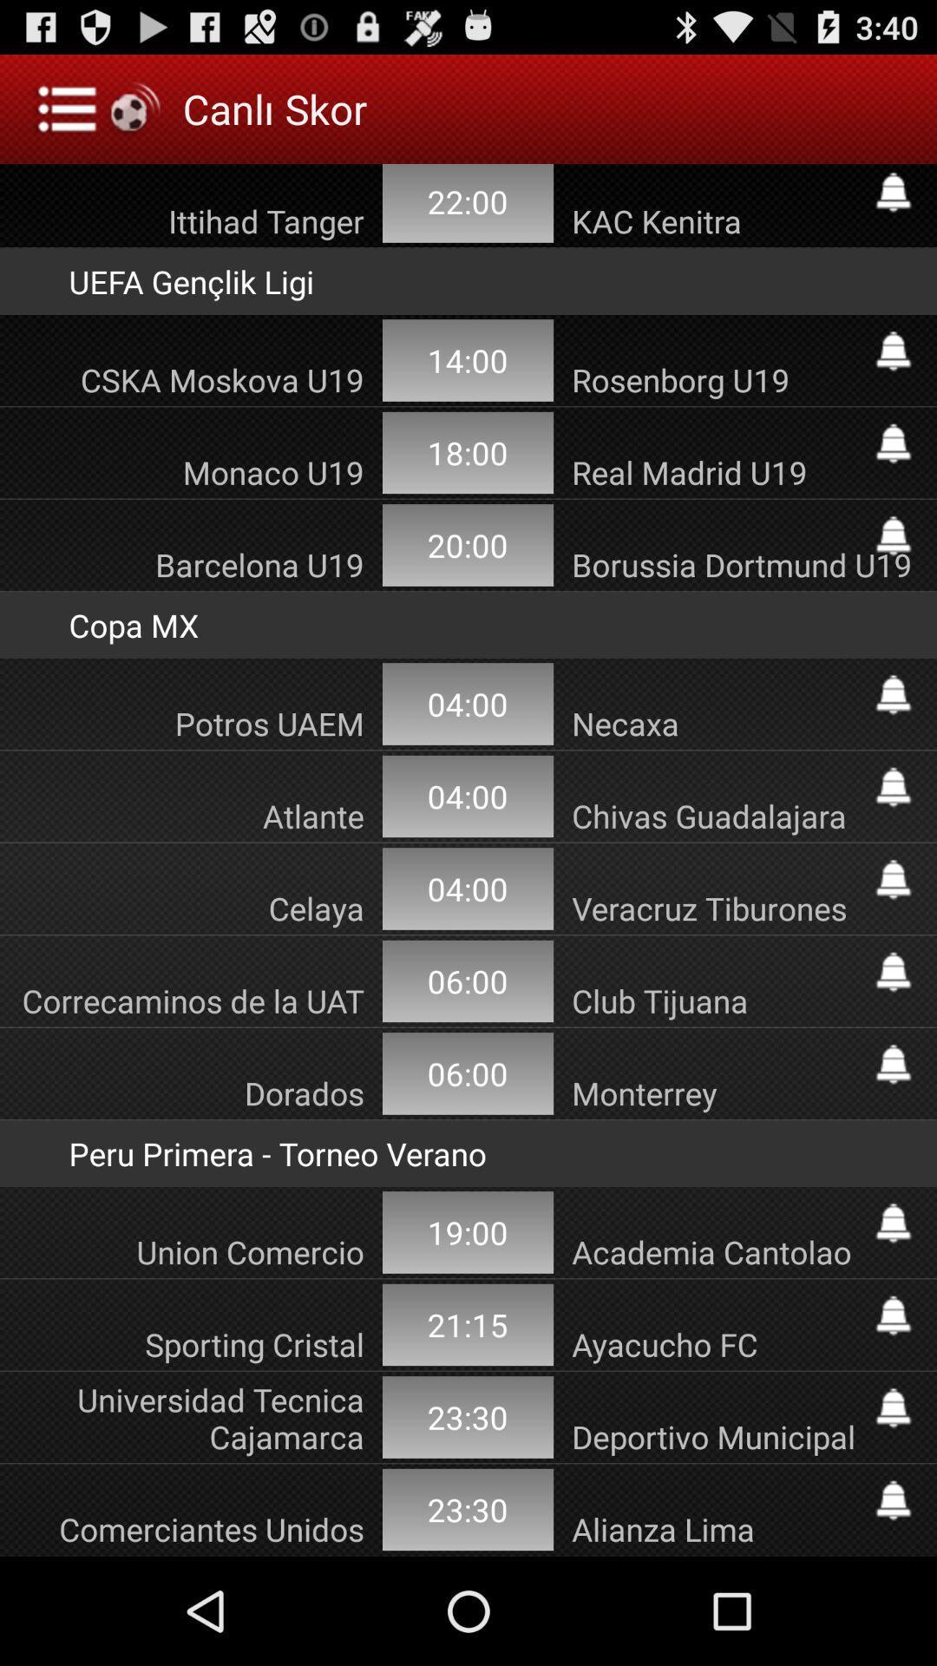 The image size is (937, 1666). I want to click on set an alert, so click(893, 879).